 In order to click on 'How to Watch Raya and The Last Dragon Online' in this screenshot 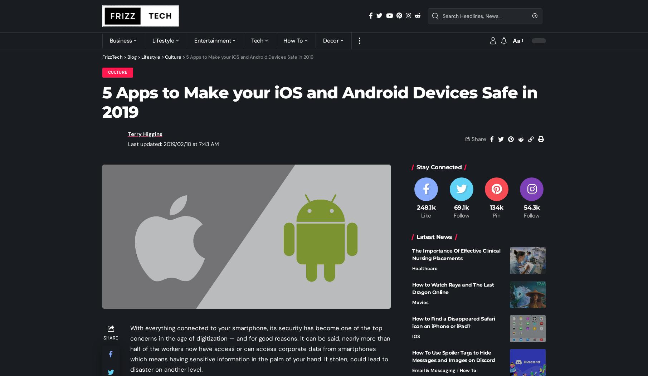, I will do `click(453, 288)`.